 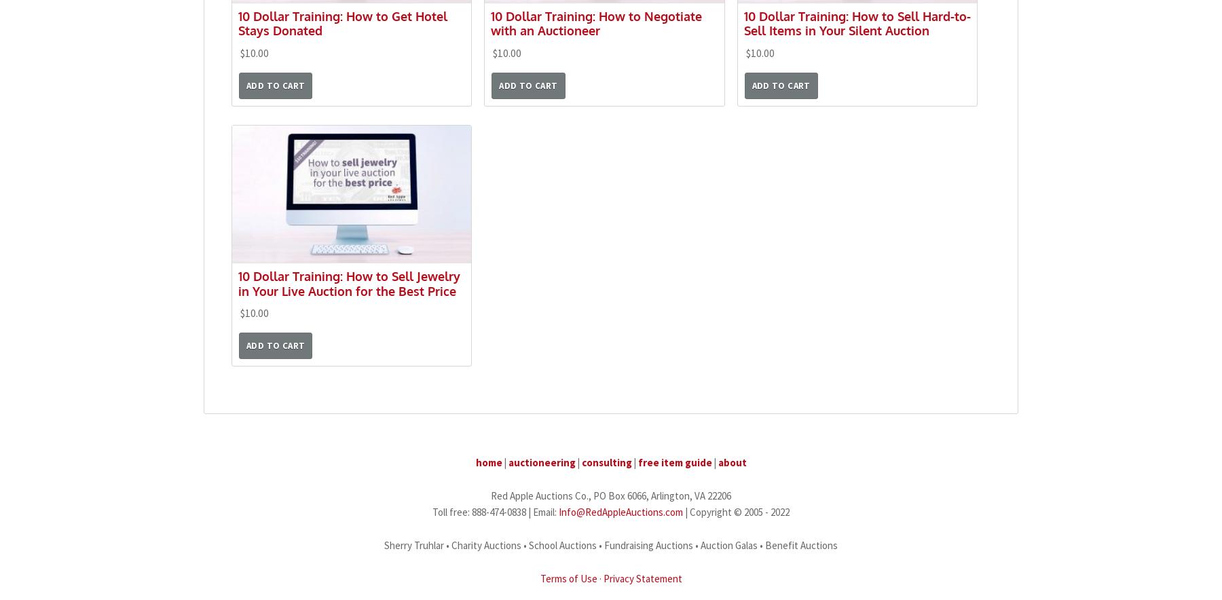 What do you see at coordinates (558, 512) in the screenshot?
I see `'Info@RedAppleAuctions.com'` at bounding box center [558, 512].